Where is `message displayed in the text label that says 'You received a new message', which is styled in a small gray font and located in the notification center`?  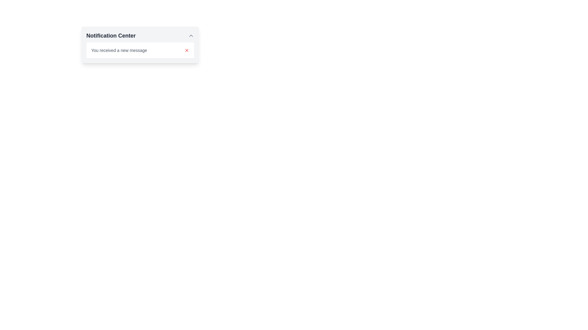
message displayed in the text label that says 'You received a new message', which is styled in a small gray font and located in the notification center is located at coordinates (119, 50).